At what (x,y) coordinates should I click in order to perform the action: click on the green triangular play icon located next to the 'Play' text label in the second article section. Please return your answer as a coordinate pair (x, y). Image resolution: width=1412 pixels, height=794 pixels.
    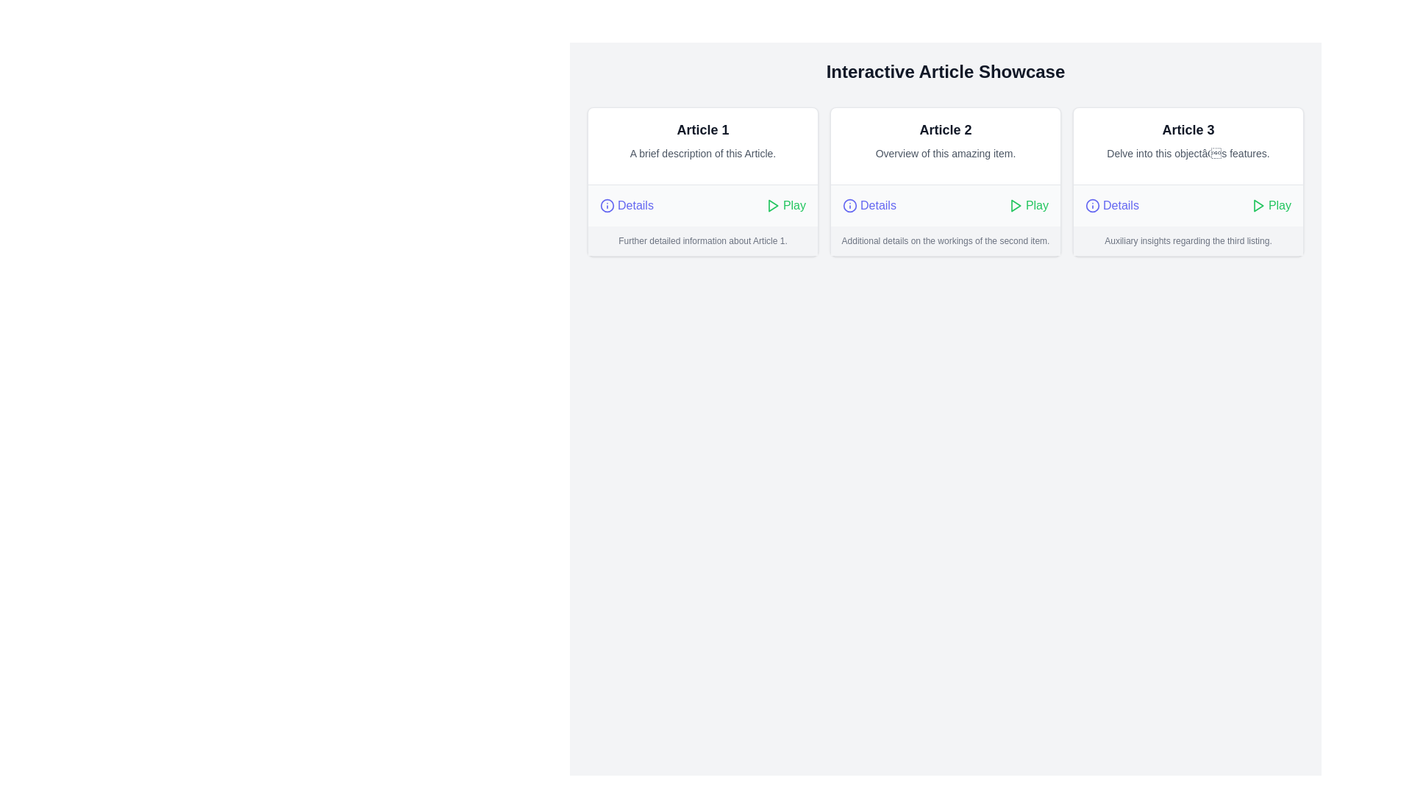
    Looking at the image, I should click on (1014, 206).